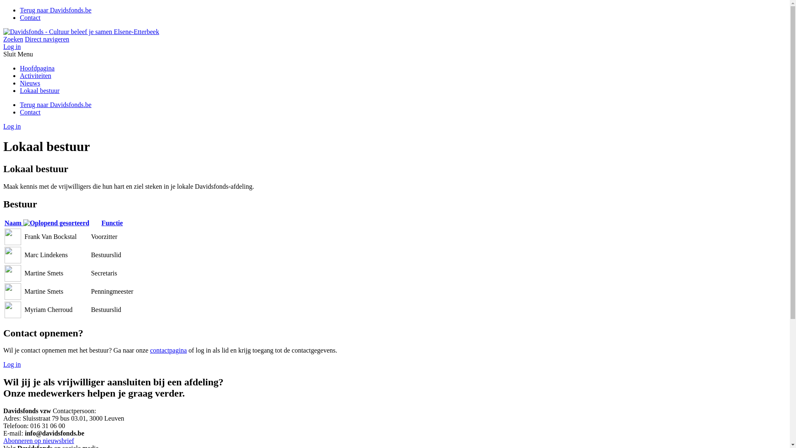  Describe the element at coordinates (46, 222) in the screenshot. I see `'Naam'` at that location.